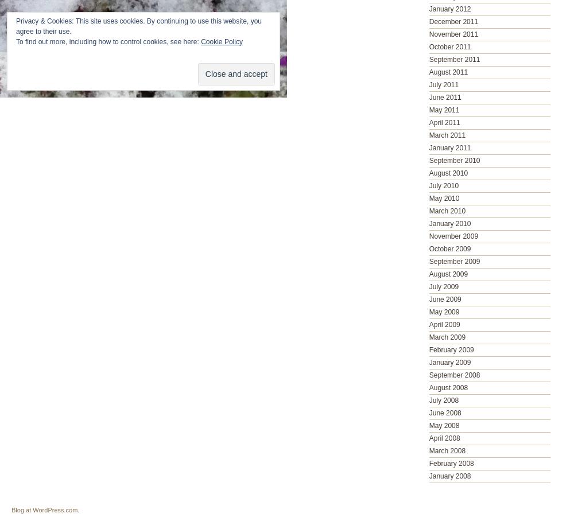  I want to click on 'March 2010', so click(447, 211).